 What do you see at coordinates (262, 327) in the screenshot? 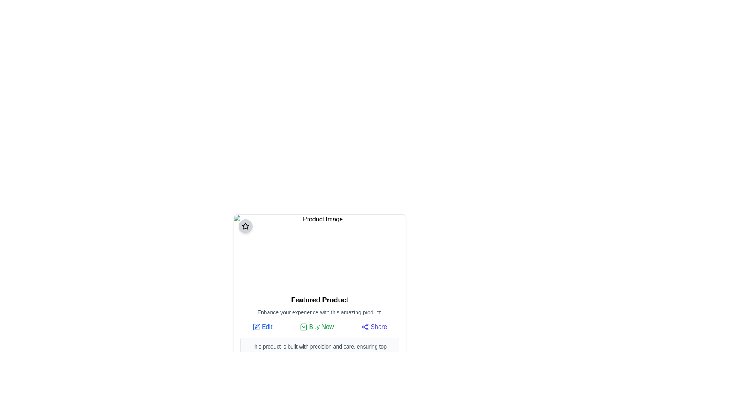
I see `the 'Edit' button` at bounding box center [262, 327].